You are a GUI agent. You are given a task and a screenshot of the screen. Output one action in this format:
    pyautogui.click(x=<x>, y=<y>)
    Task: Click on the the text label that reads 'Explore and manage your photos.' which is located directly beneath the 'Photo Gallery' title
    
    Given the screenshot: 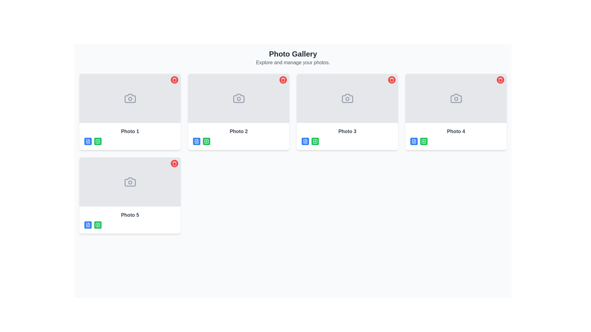 What is the action you would take?
    pyautogui.click(x=292, y=63)
    